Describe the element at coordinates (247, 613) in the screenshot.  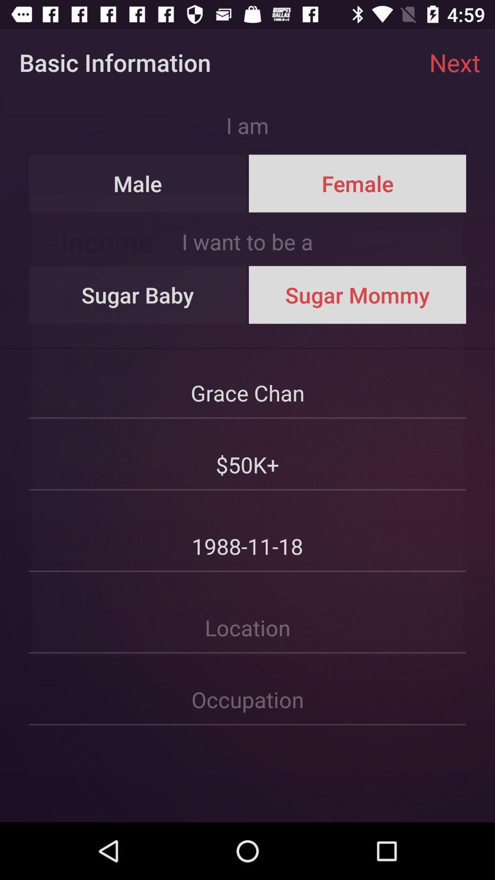
I see `location option` at that location.